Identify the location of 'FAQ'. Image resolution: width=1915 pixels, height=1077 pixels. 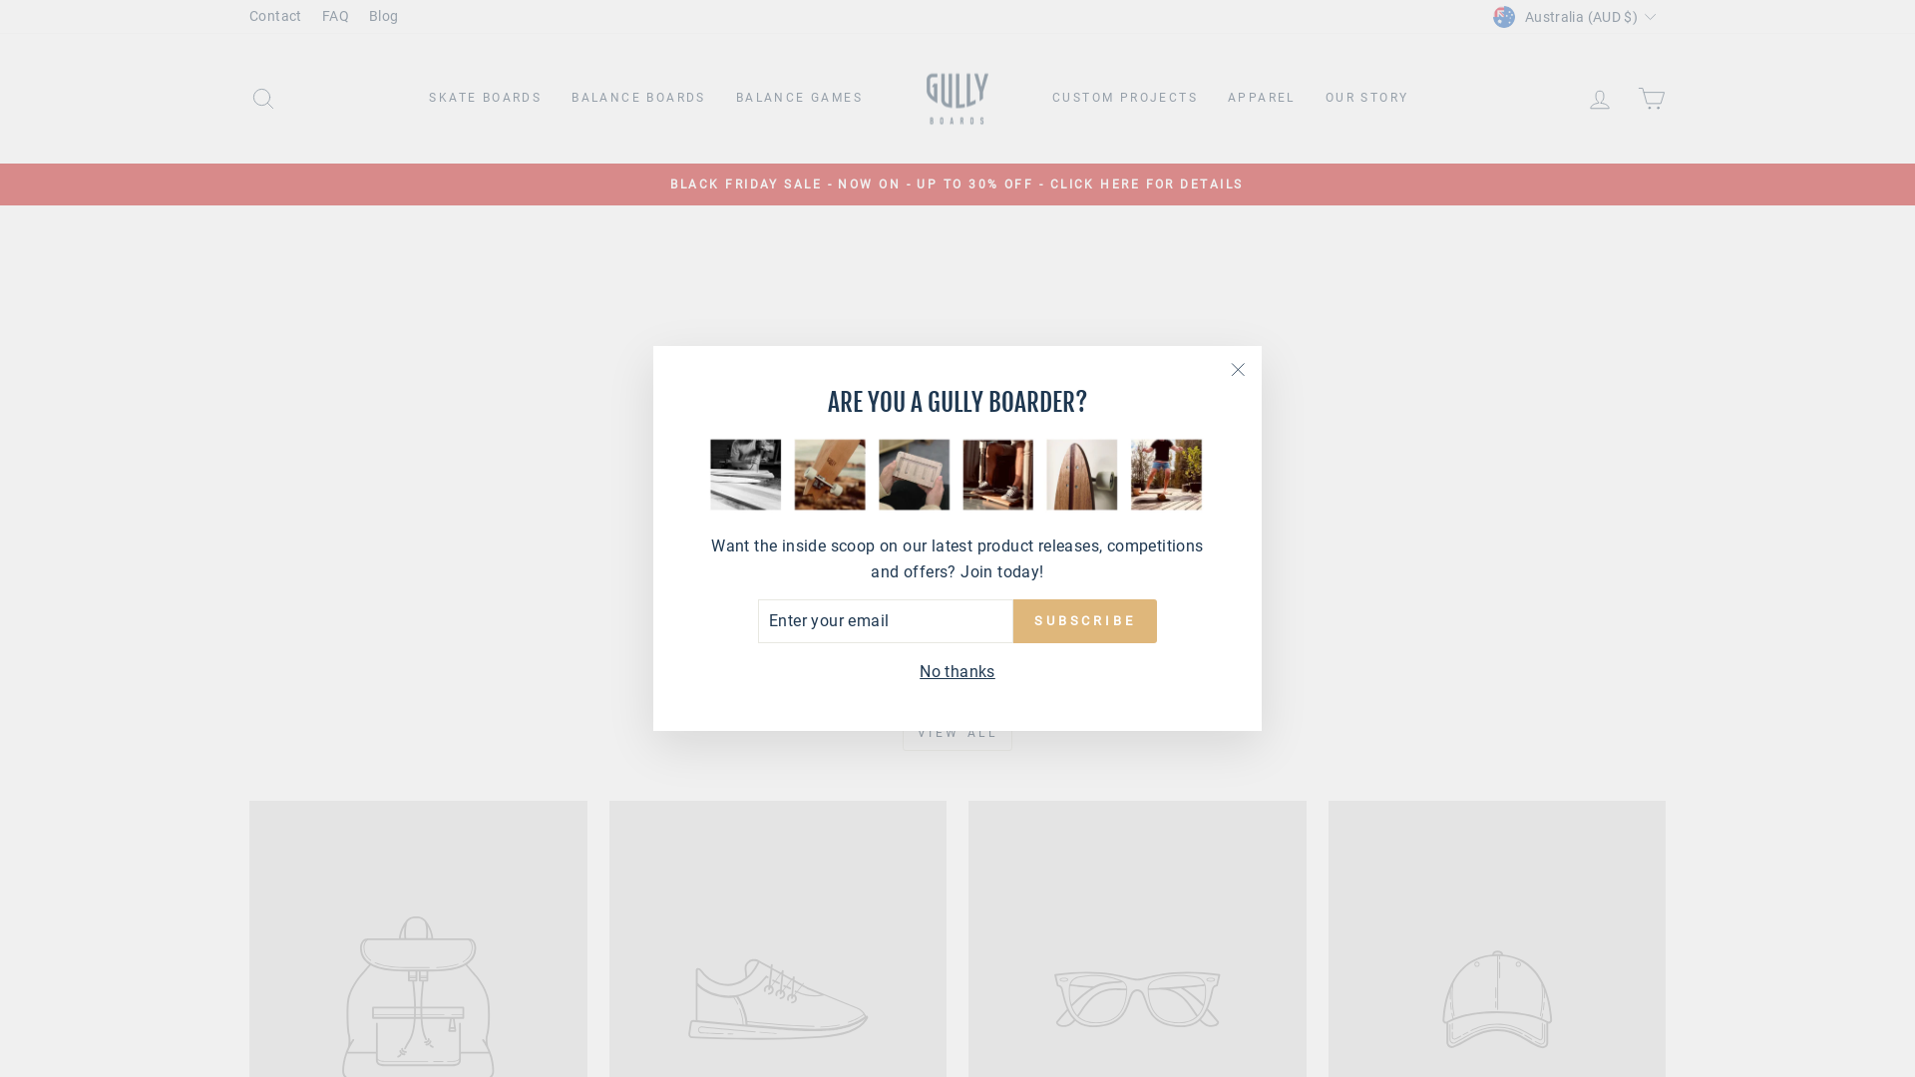
(335, 16).